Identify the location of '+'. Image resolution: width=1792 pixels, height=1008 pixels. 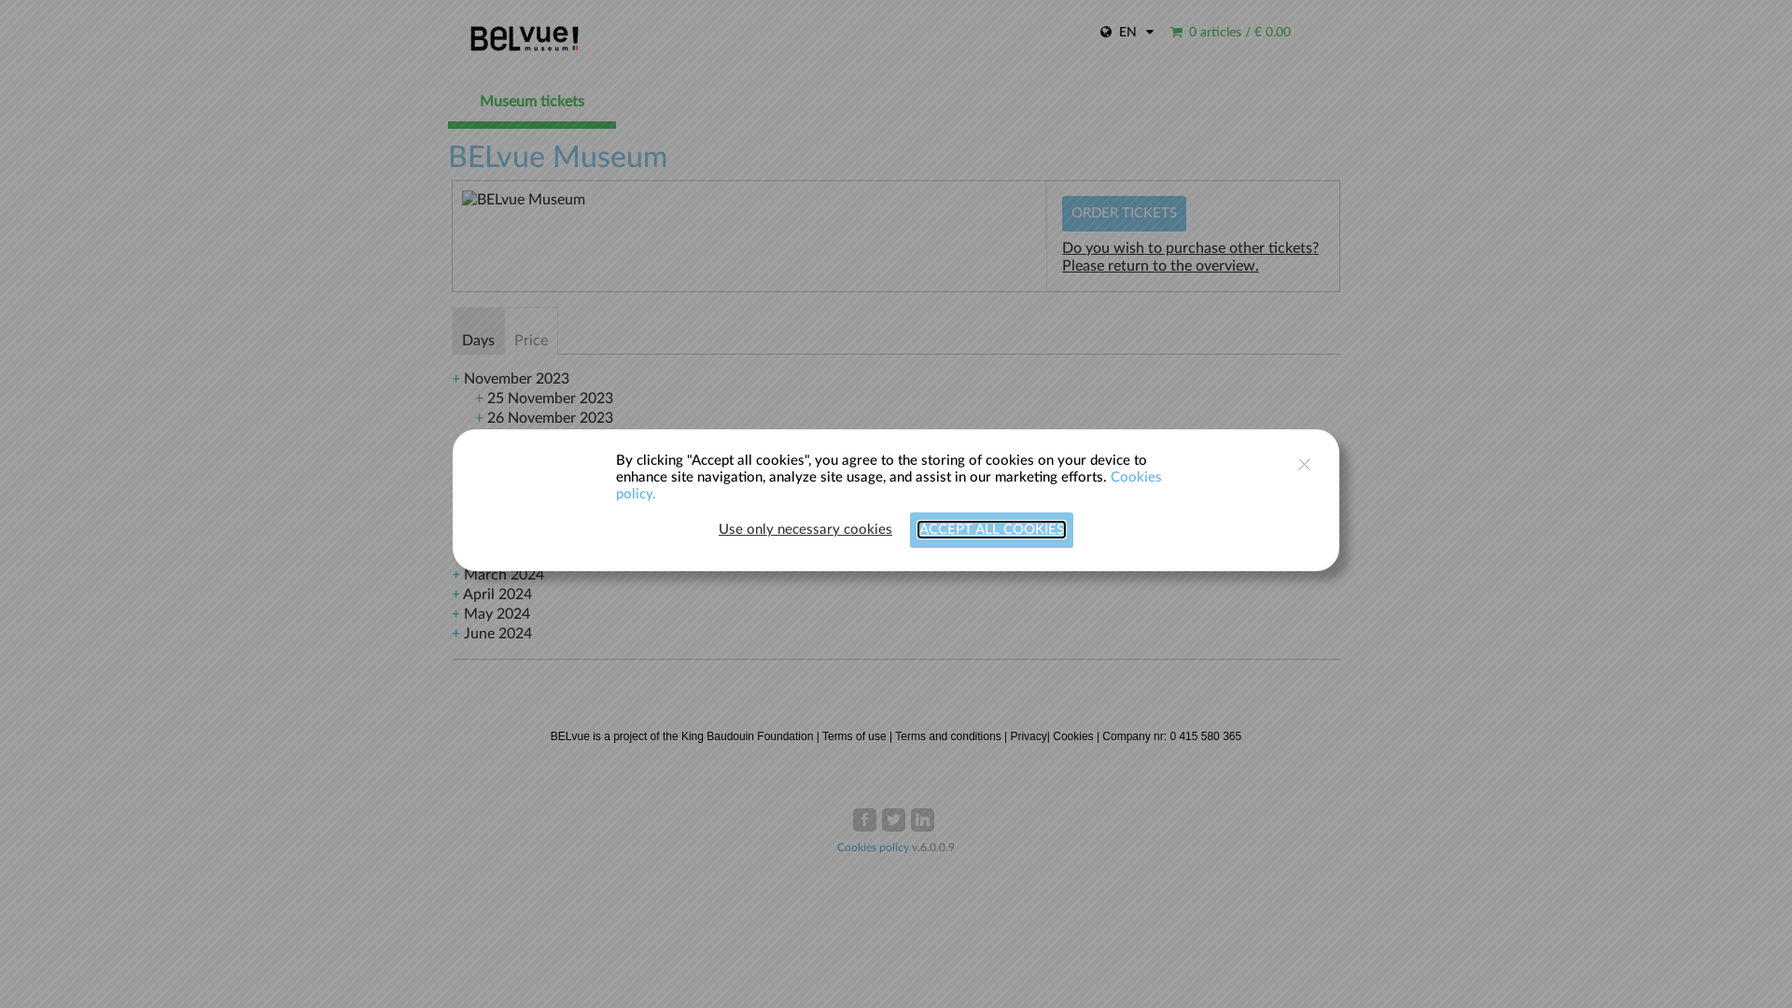
(479, 475).